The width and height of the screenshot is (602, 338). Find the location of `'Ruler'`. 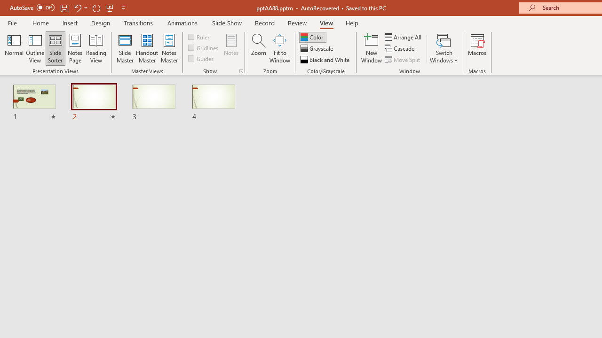

'Ruler' is located at coordinates (199, 36).